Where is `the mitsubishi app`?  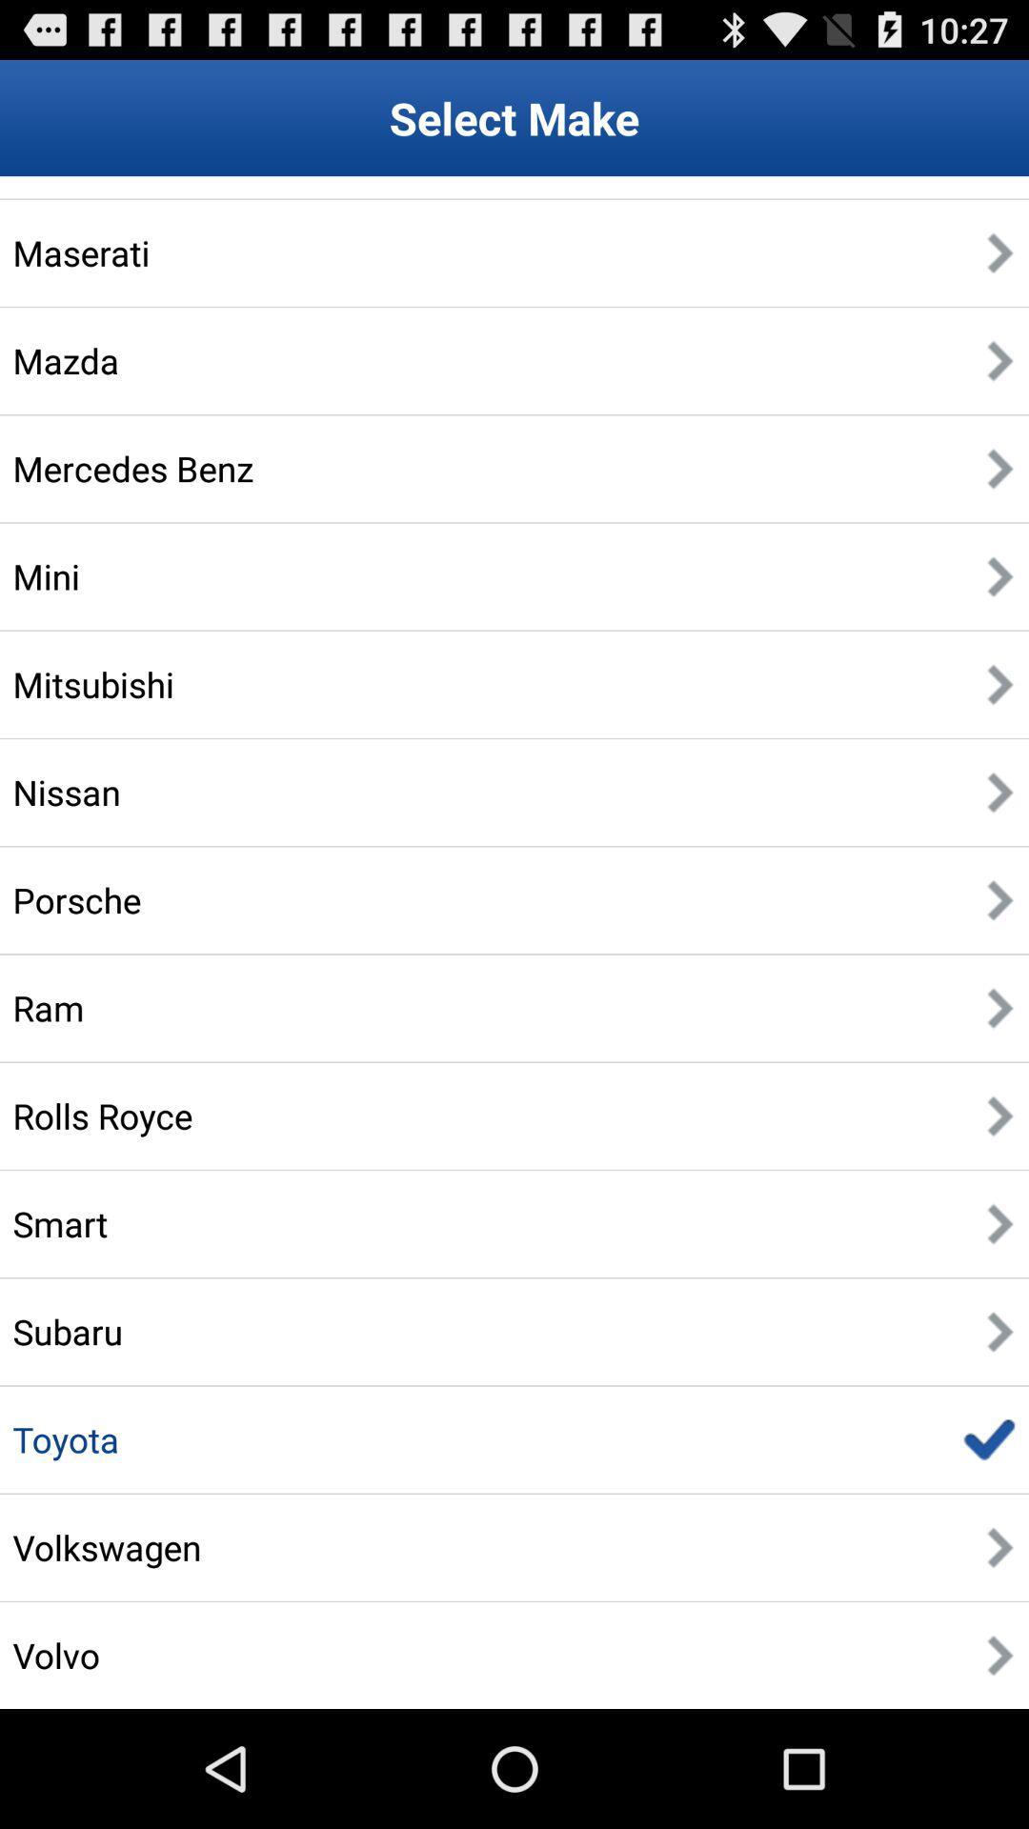 the mitsubishi app is located at coordinates (93, 684).